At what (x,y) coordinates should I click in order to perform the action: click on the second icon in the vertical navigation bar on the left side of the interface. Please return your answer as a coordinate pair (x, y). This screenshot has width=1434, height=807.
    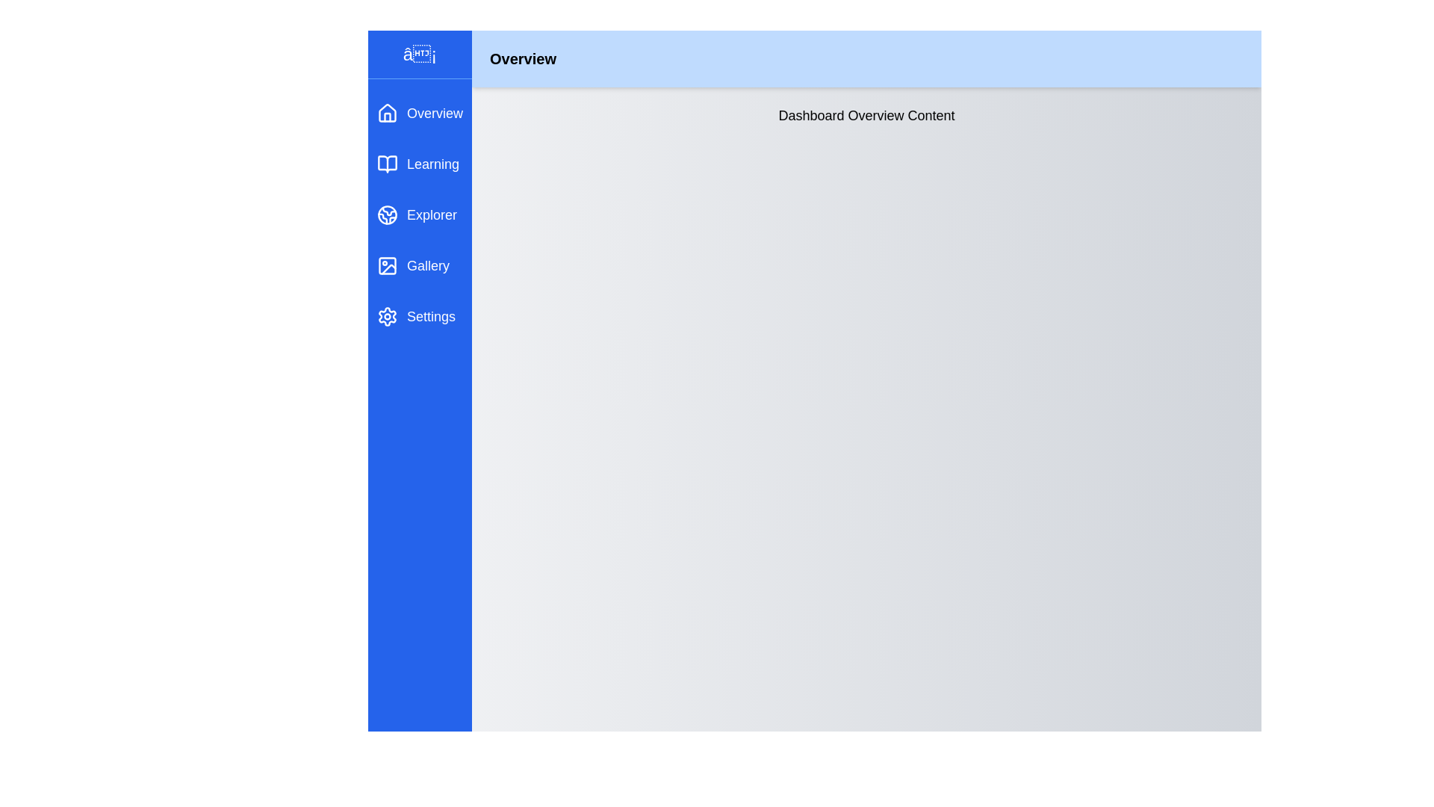
    Looking at the image, I should click on (387, 164).